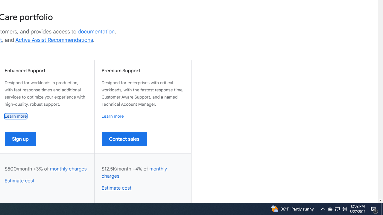 Image resolution: width=383 pixels, height=215 pixels. What do you see at coordinates (54, 40) in the screenshot?
I see `'Active Assist Recommendations'` at bounding box center [54, 40].